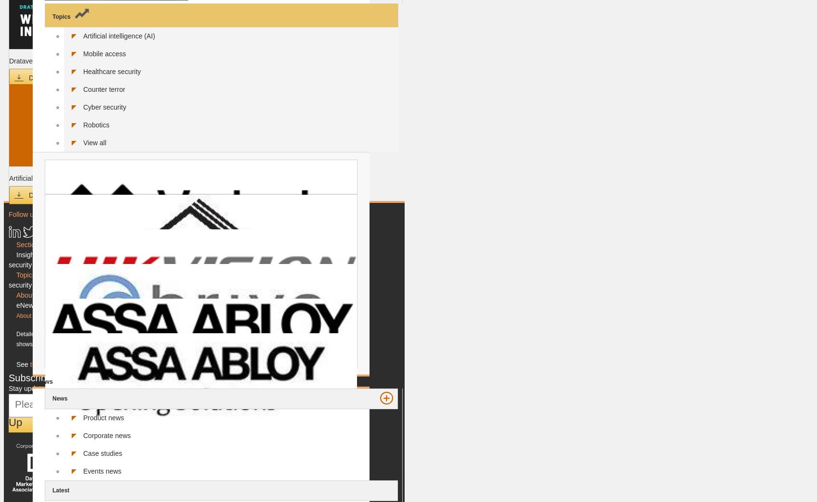  I want to click on 'Sections', so click(30, 244).